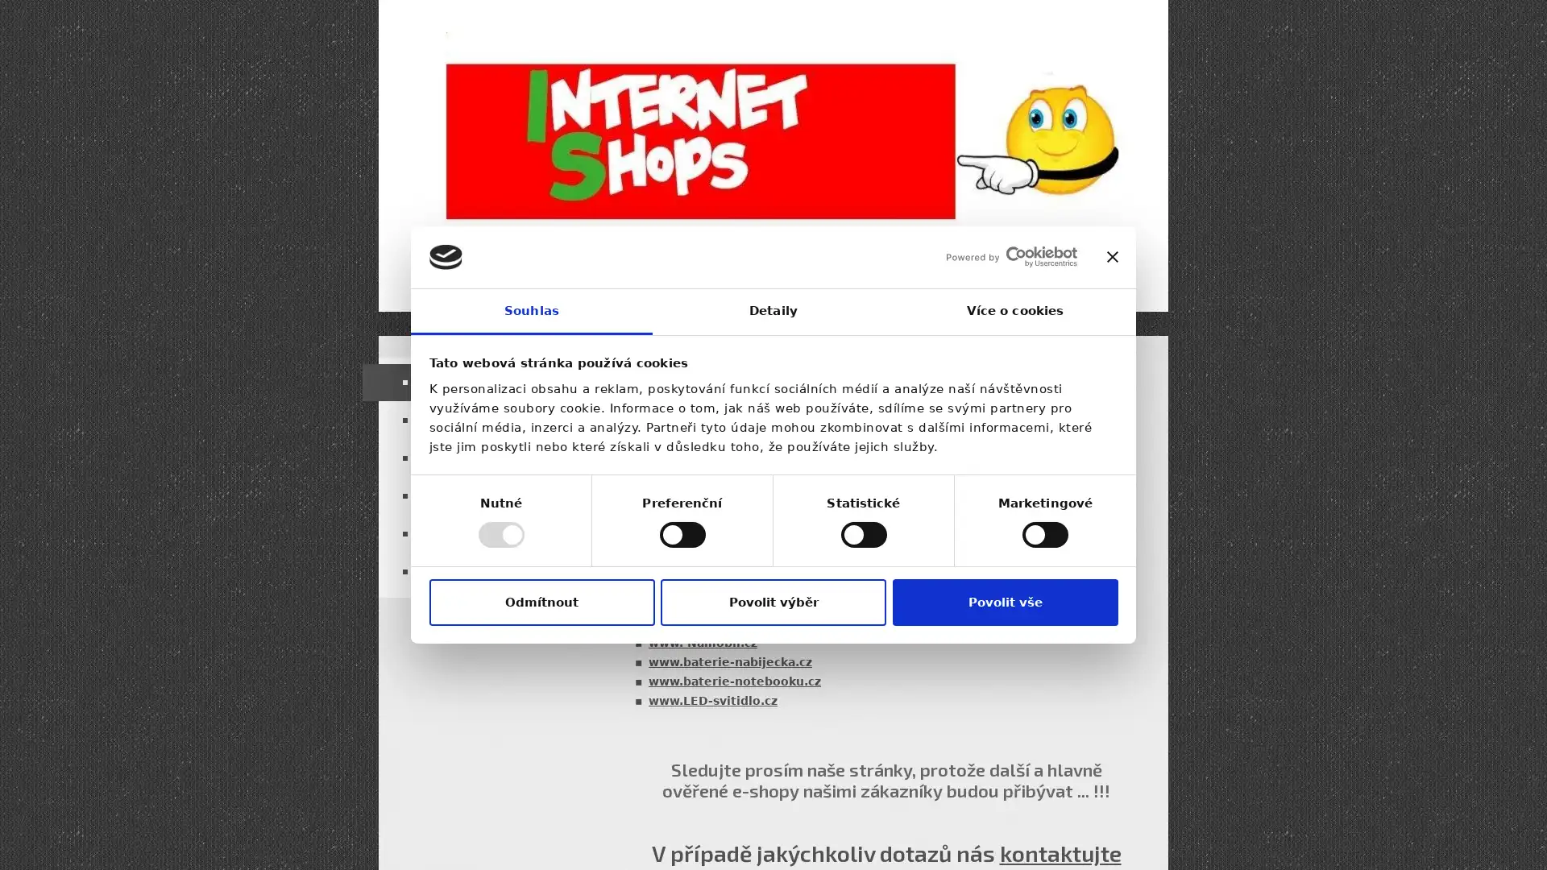 The height and width of the screenshot is (870, 1547). What do you see at coordinates (773, 602) in the screenshot?
I see `Povolit vyber` at bounding box center [773, 602].